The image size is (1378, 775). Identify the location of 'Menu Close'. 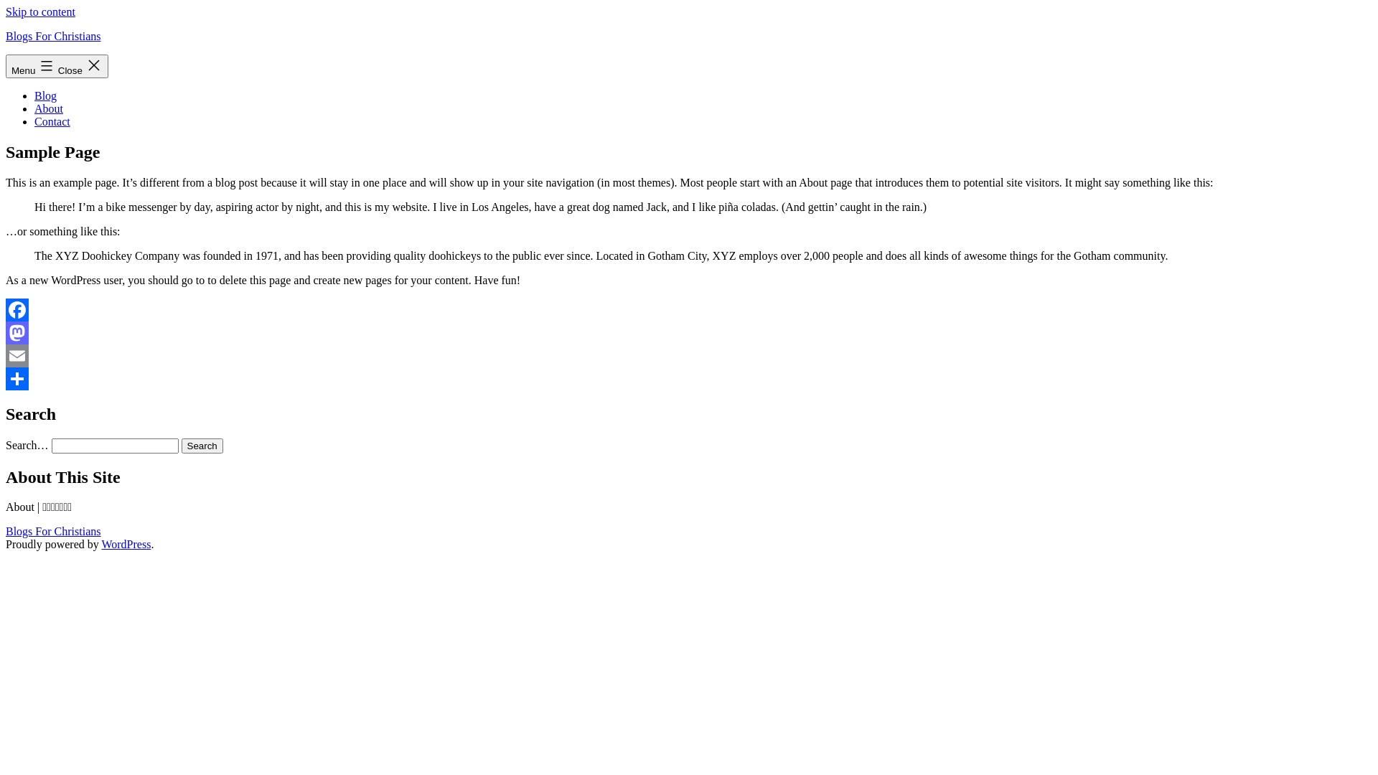
(57, 66).